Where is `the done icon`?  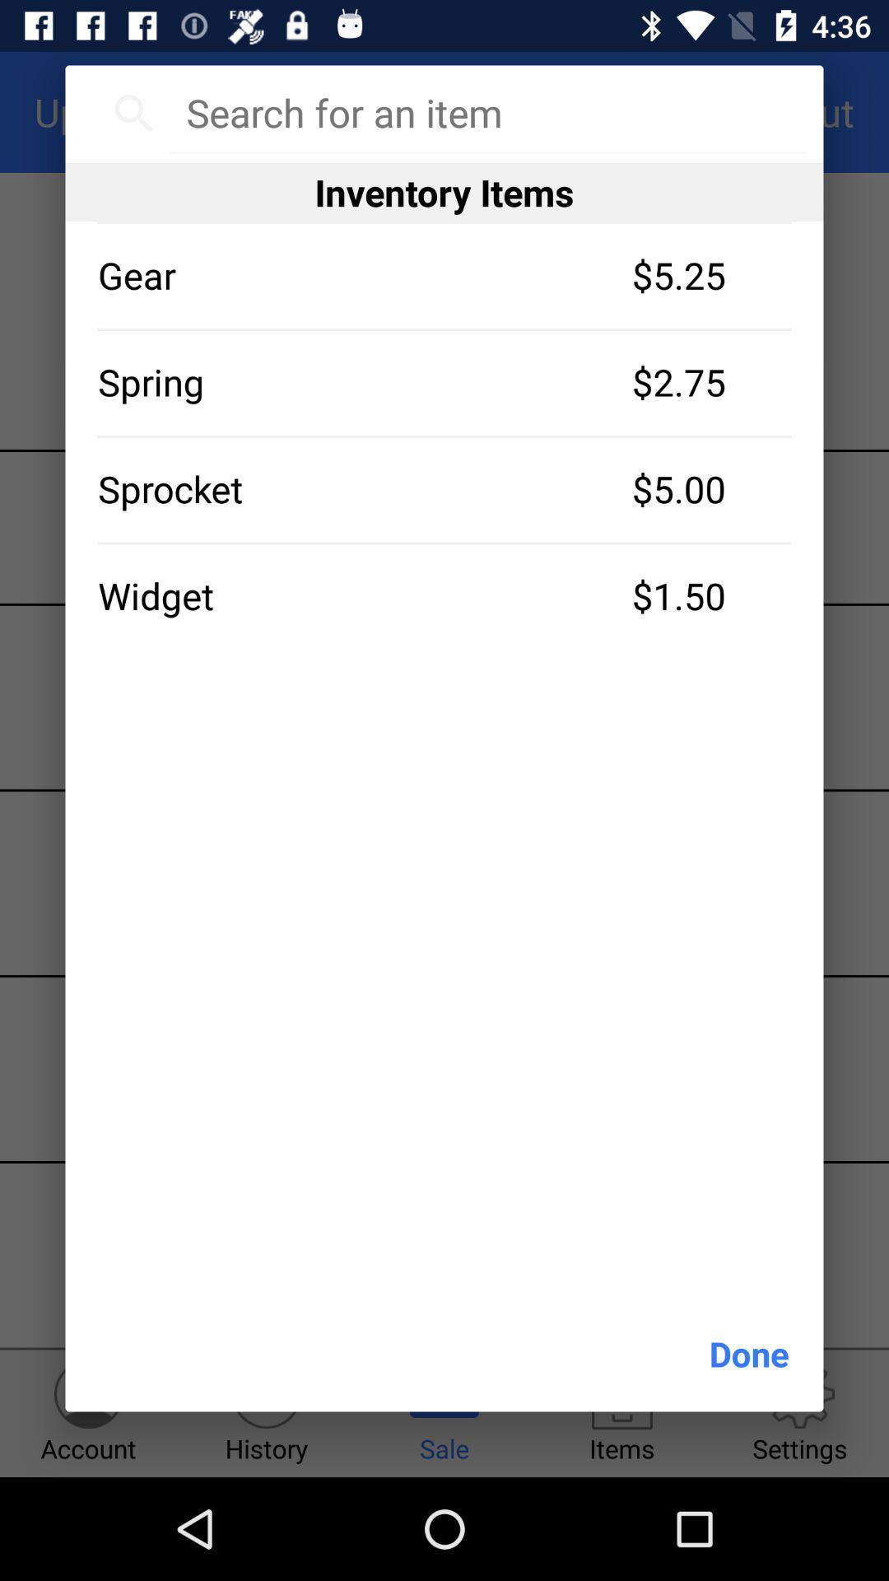 the done icon is located at coordinates (749, 1354).